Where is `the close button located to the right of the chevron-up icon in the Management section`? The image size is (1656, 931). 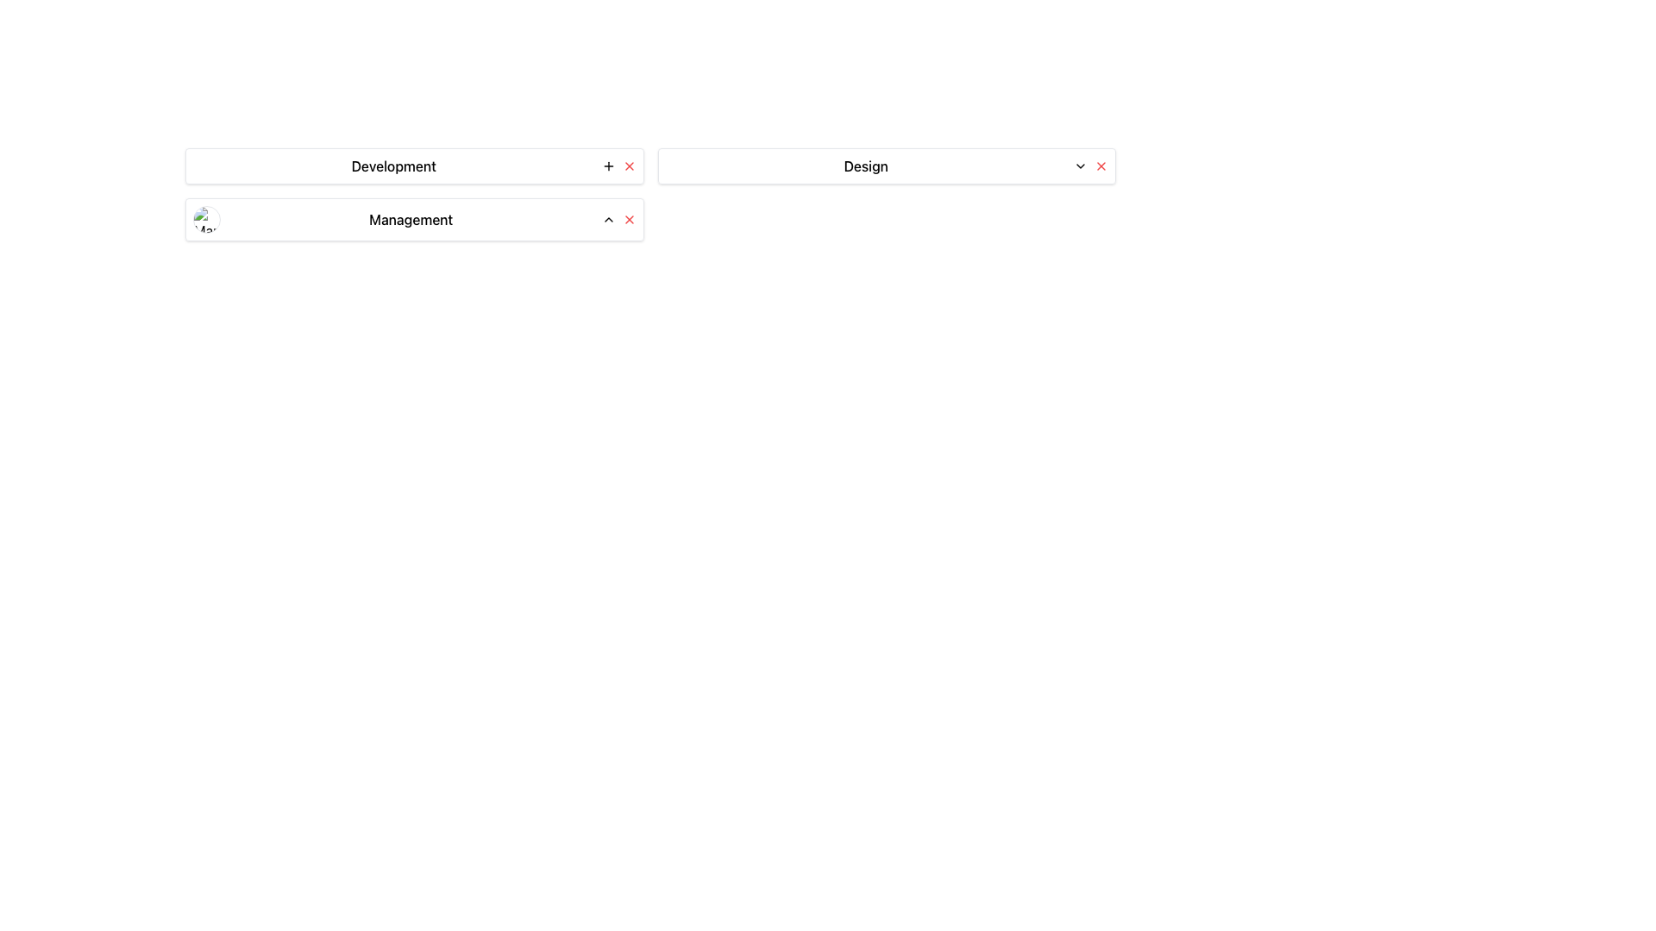 the close button located to the right of the chevron-up icon in the Management section is located at coordinates (628, 218).